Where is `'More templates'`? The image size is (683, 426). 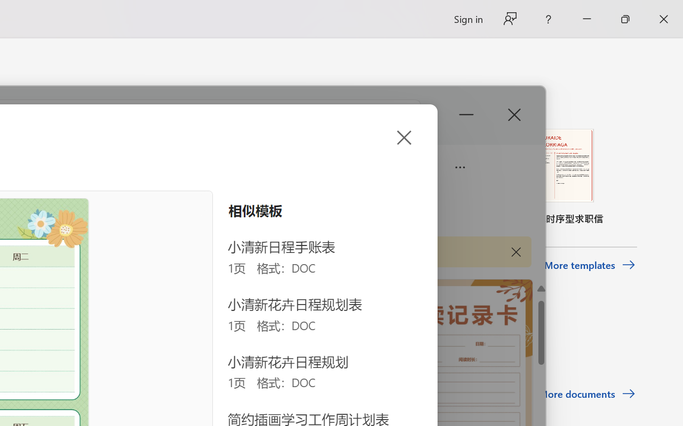 'More templates' is located at coordinates (589, 265).